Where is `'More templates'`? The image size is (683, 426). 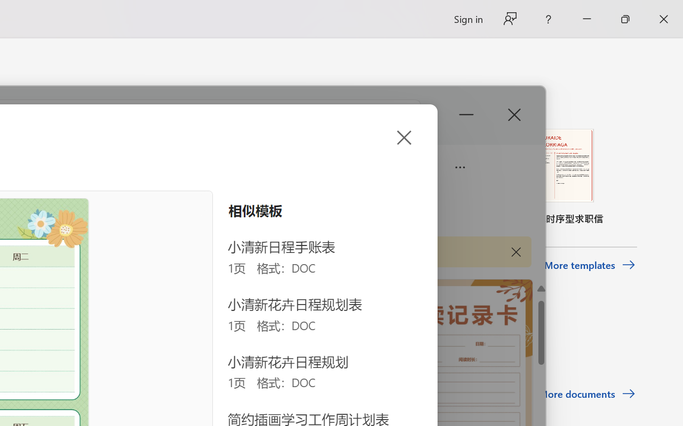 'More templates' is located at coordinates (589, 265).